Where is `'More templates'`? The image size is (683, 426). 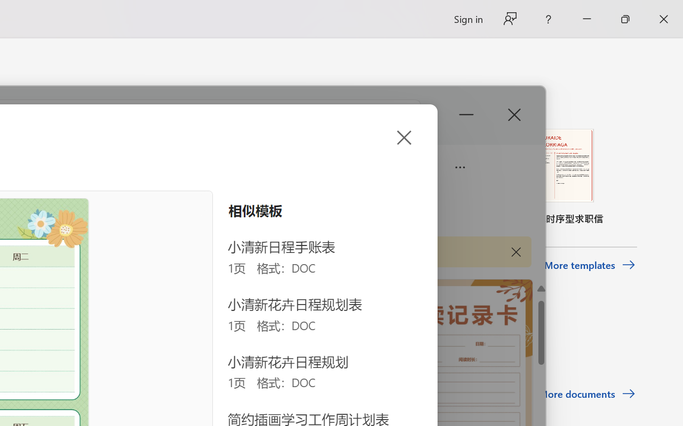 'More templates' is located at coordinates (589, 265).